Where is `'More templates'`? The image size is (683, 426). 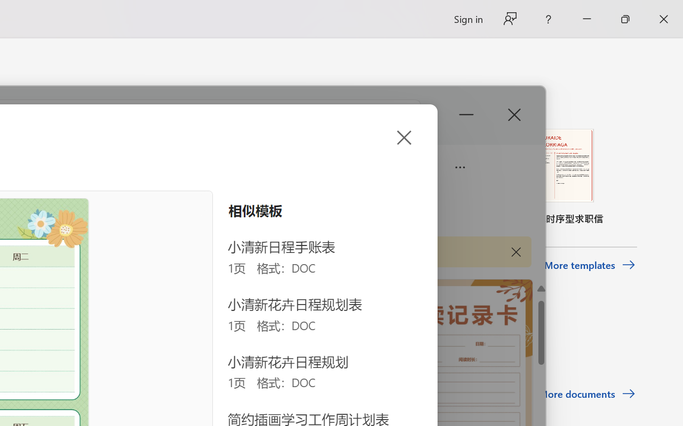 'More templates' is located at coordinates (589, 265).